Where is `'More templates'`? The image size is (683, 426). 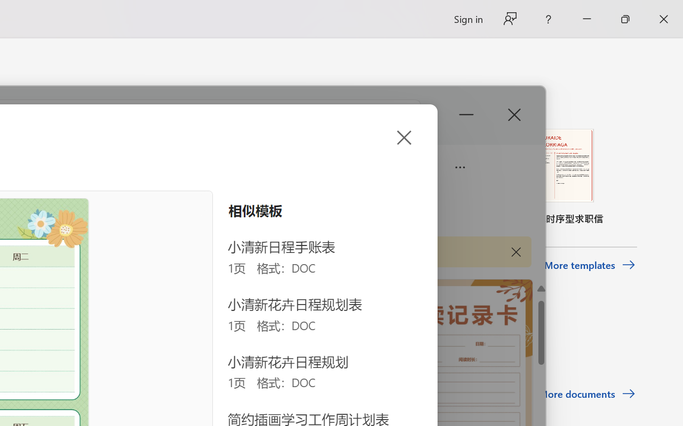 'More templates' is located at coordinates (589, 265).